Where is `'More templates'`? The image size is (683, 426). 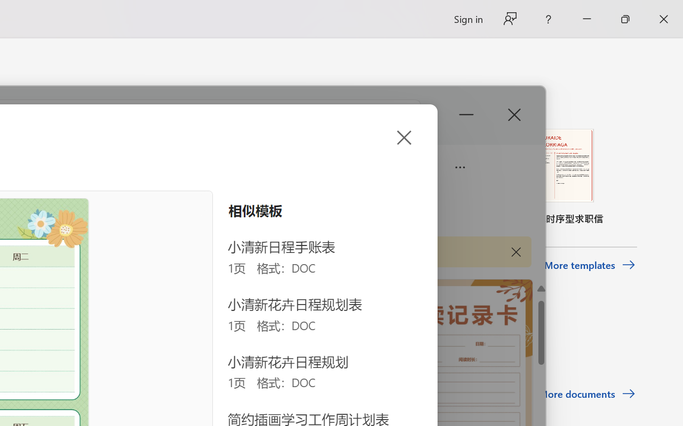 'More templates' is located at coordinates (589, 265).